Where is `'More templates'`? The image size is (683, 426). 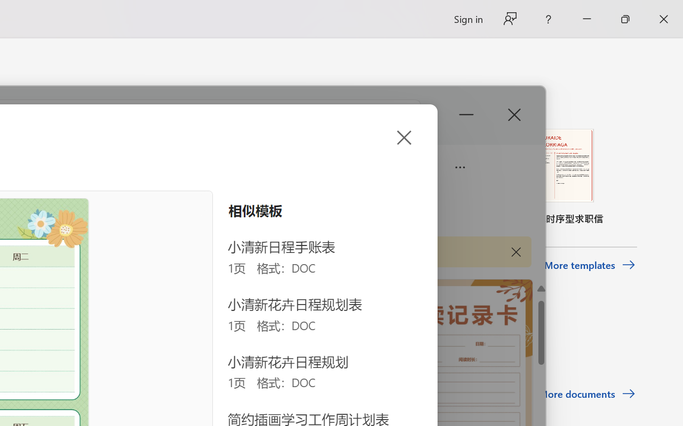 'More templates' is located at coordinates (589, 265).